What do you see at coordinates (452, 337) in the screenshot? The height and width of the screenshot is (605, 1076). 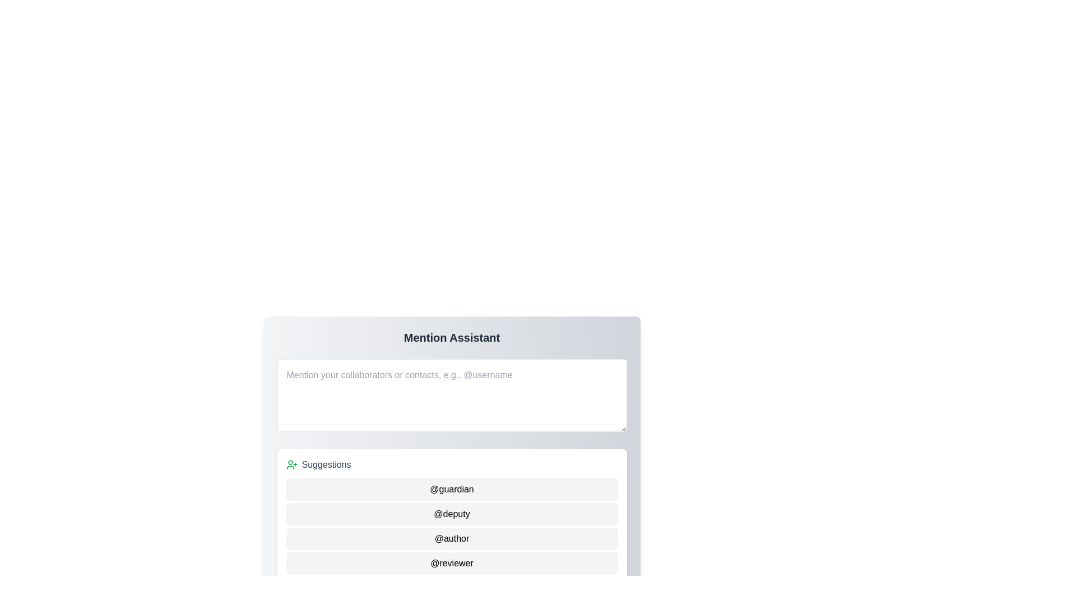 I see `heading labeled 'Mention Assistant', which is a bold, large, dark gray text located at the top of the card-like interface section` at bounding box center [452, 337].